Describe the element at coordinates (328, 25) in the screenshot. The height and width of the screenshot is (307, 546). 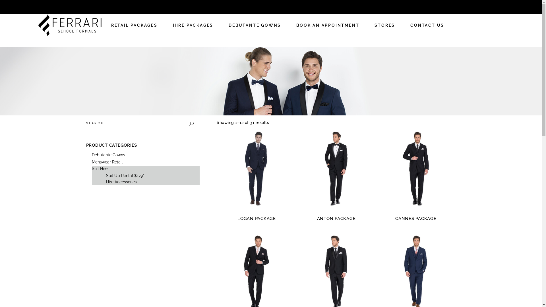
I see `'BOOK AN APPOINTMENT'` at that location.